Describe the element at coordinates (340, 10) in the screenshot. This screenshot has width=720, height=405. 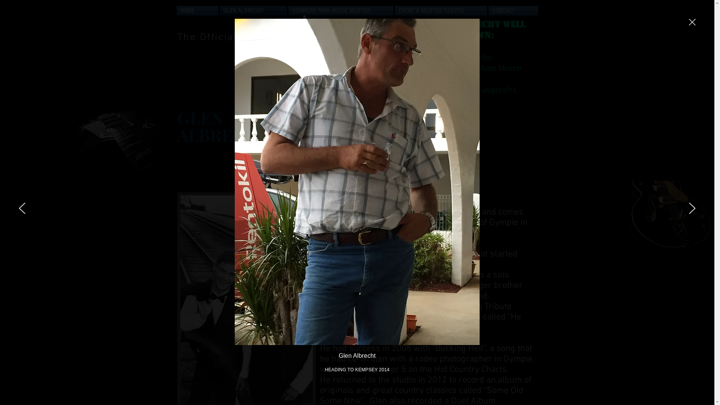
I see `'KENMORE PARK MUSIC MUSTER'` at that location.